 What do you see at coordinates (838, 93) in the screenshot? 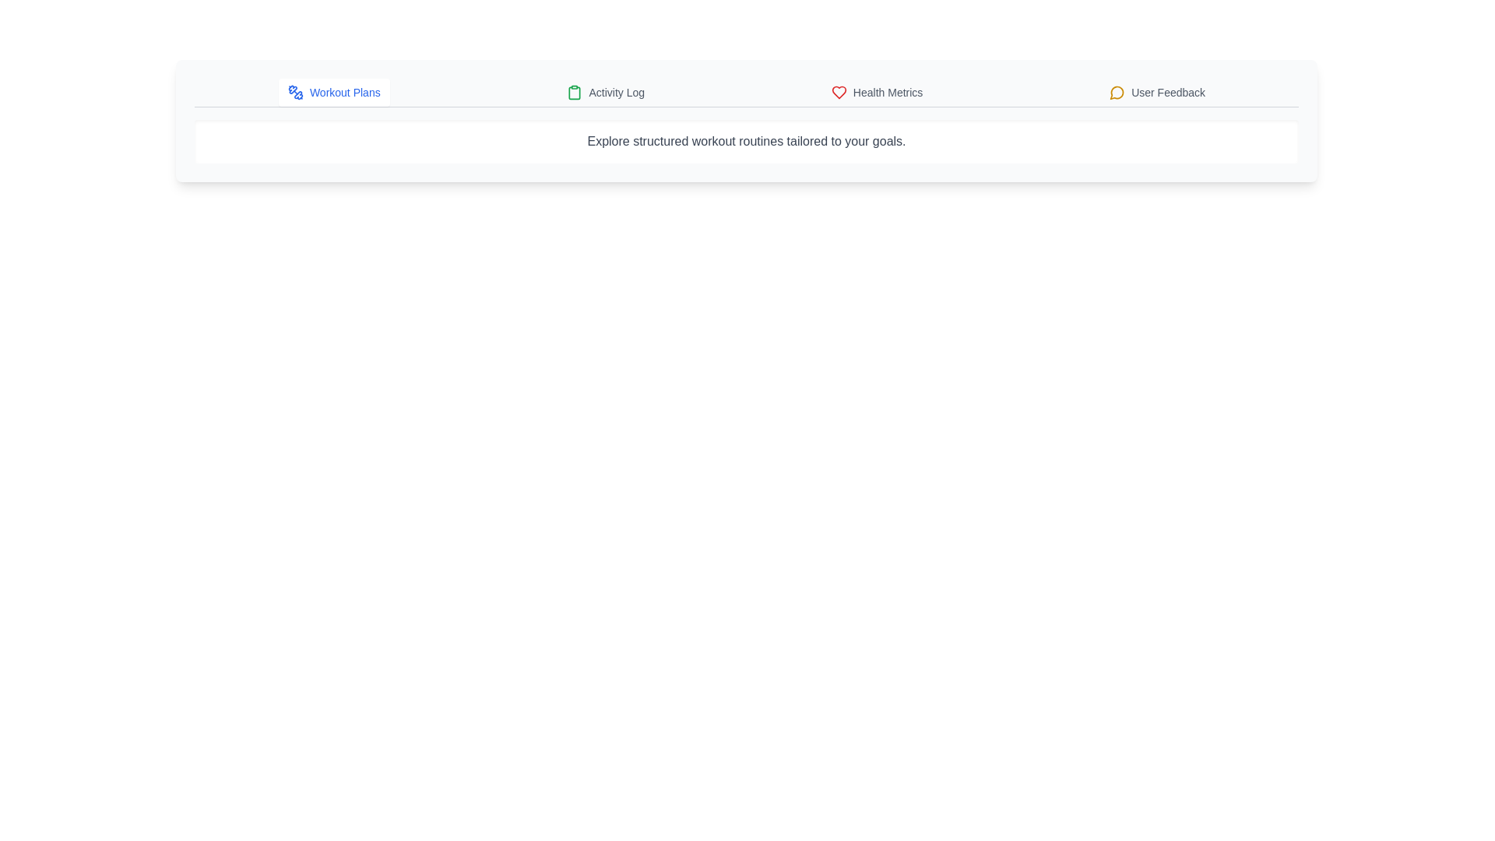
I see `the health metrics icon located in the top navigation bar to interact with its functionality` at bounding box center [838, 93].